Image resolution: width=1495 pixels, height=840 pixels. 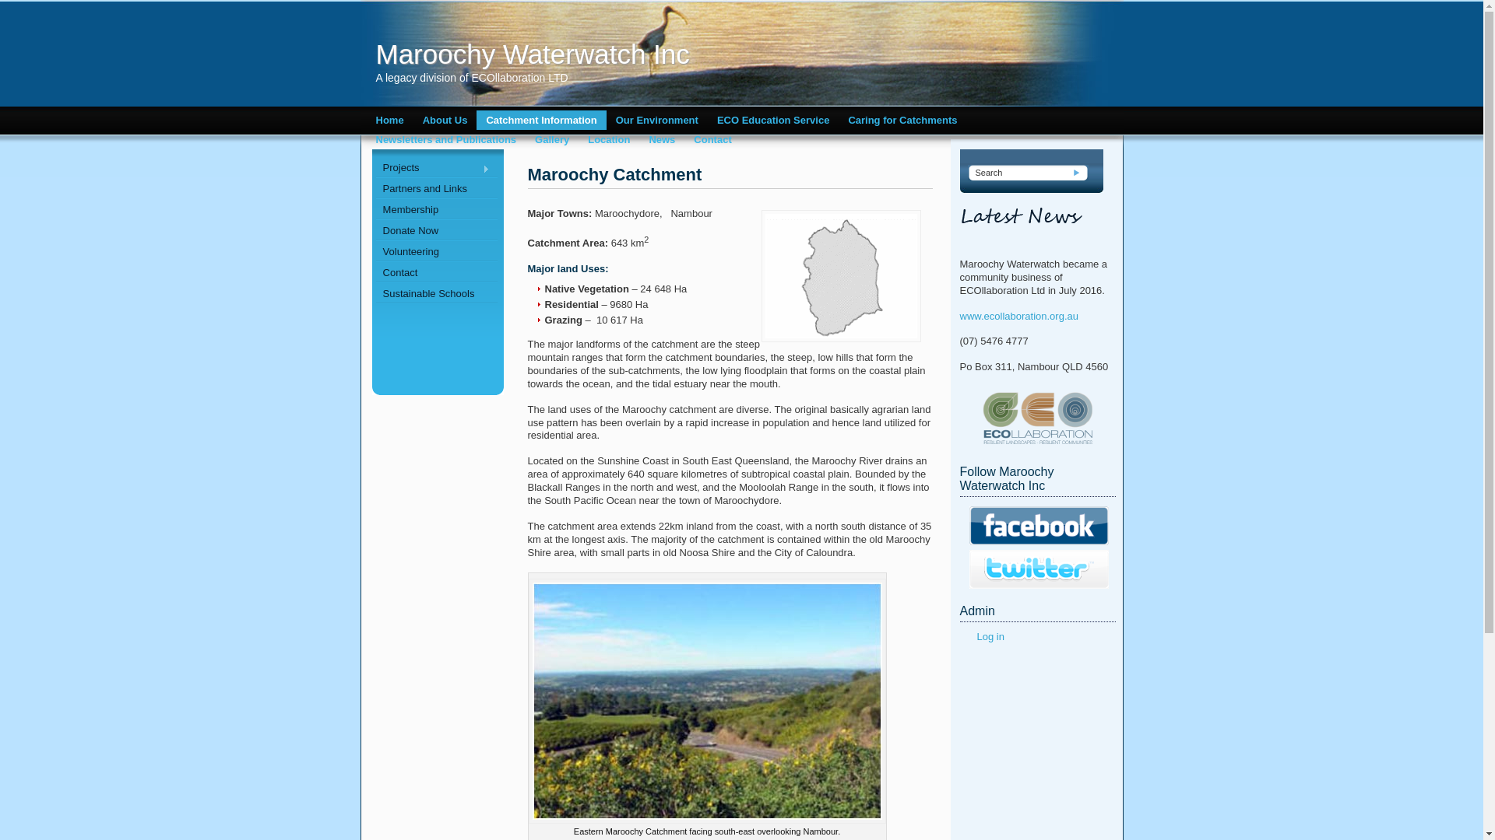 I want to click on 'Membership', so click(x=436, y=208).